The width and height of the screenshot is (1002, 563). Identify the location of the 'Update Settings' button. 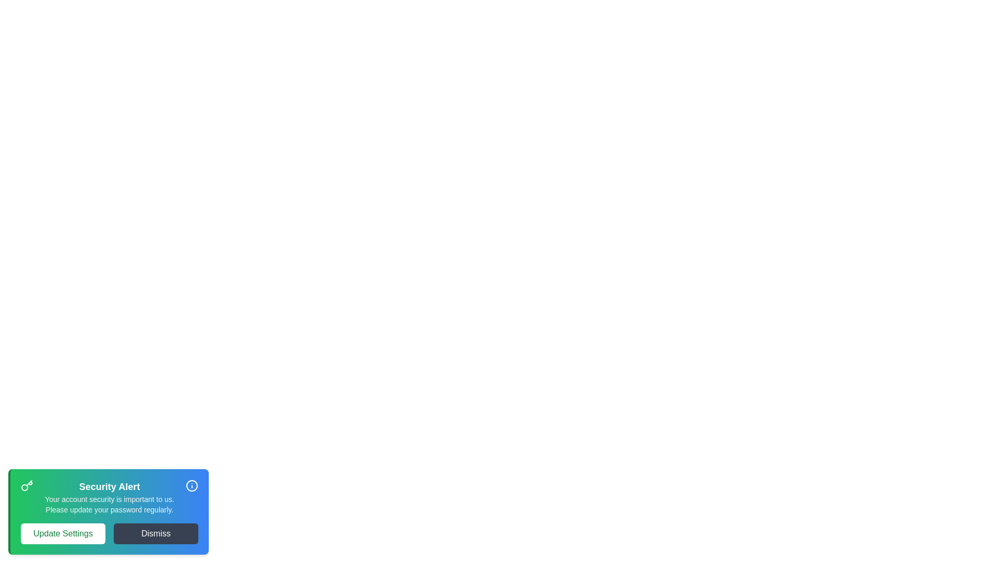
(62, 533).